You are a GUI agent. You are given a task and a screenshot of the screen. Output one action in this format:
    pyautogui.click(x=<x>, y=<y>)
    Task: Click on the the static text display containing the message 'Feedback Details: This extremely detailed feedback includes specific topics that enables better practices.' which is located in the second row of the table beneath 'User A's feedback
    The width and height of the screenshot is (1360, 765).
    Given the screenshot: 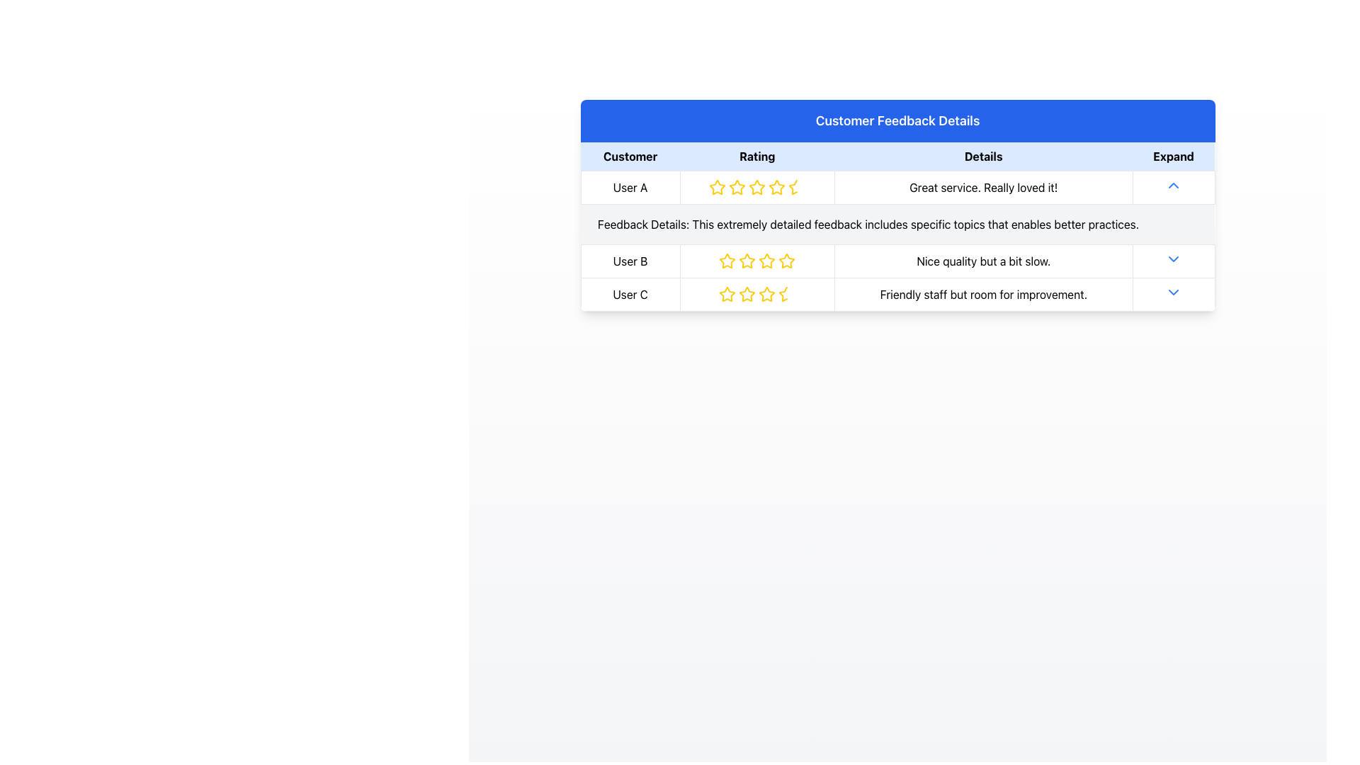 What is the action you would take?
    pyautogui.click(x=897, y=223)
    